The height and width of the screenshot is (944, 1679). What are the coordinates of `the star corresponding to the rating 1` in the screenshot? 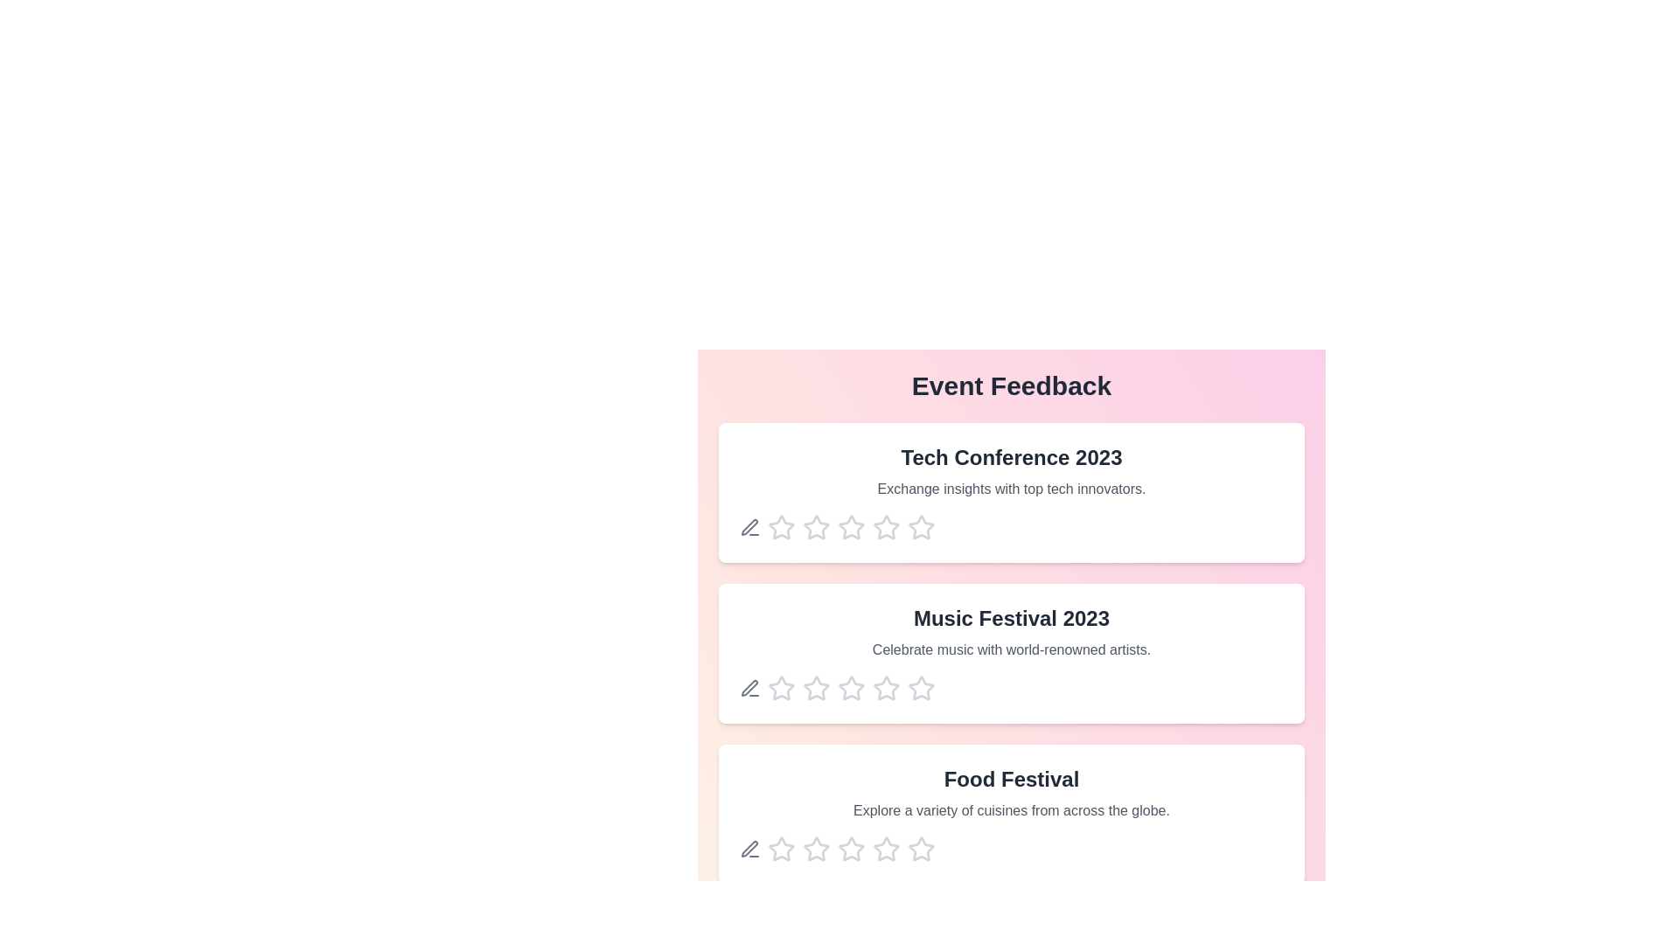 It's located at (780, 527).